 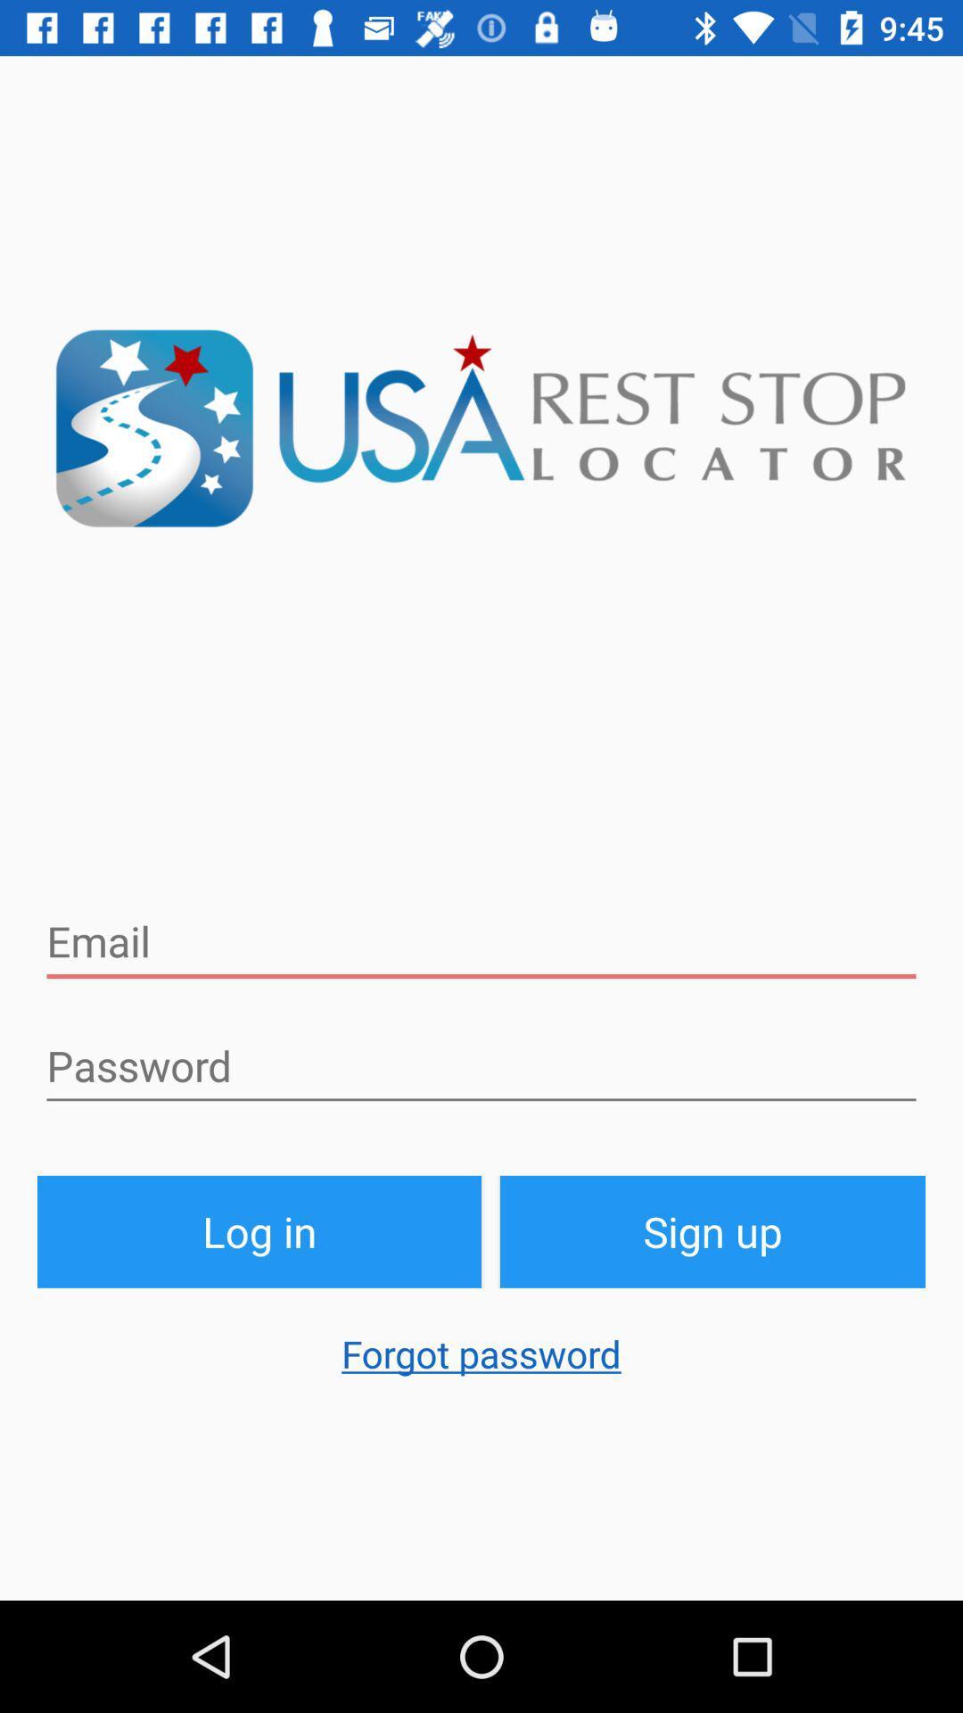 What do you see at coordinates (259, 1230) in the screenshot?
I see `item next to sign up item` at bounding box center [259, 1230].